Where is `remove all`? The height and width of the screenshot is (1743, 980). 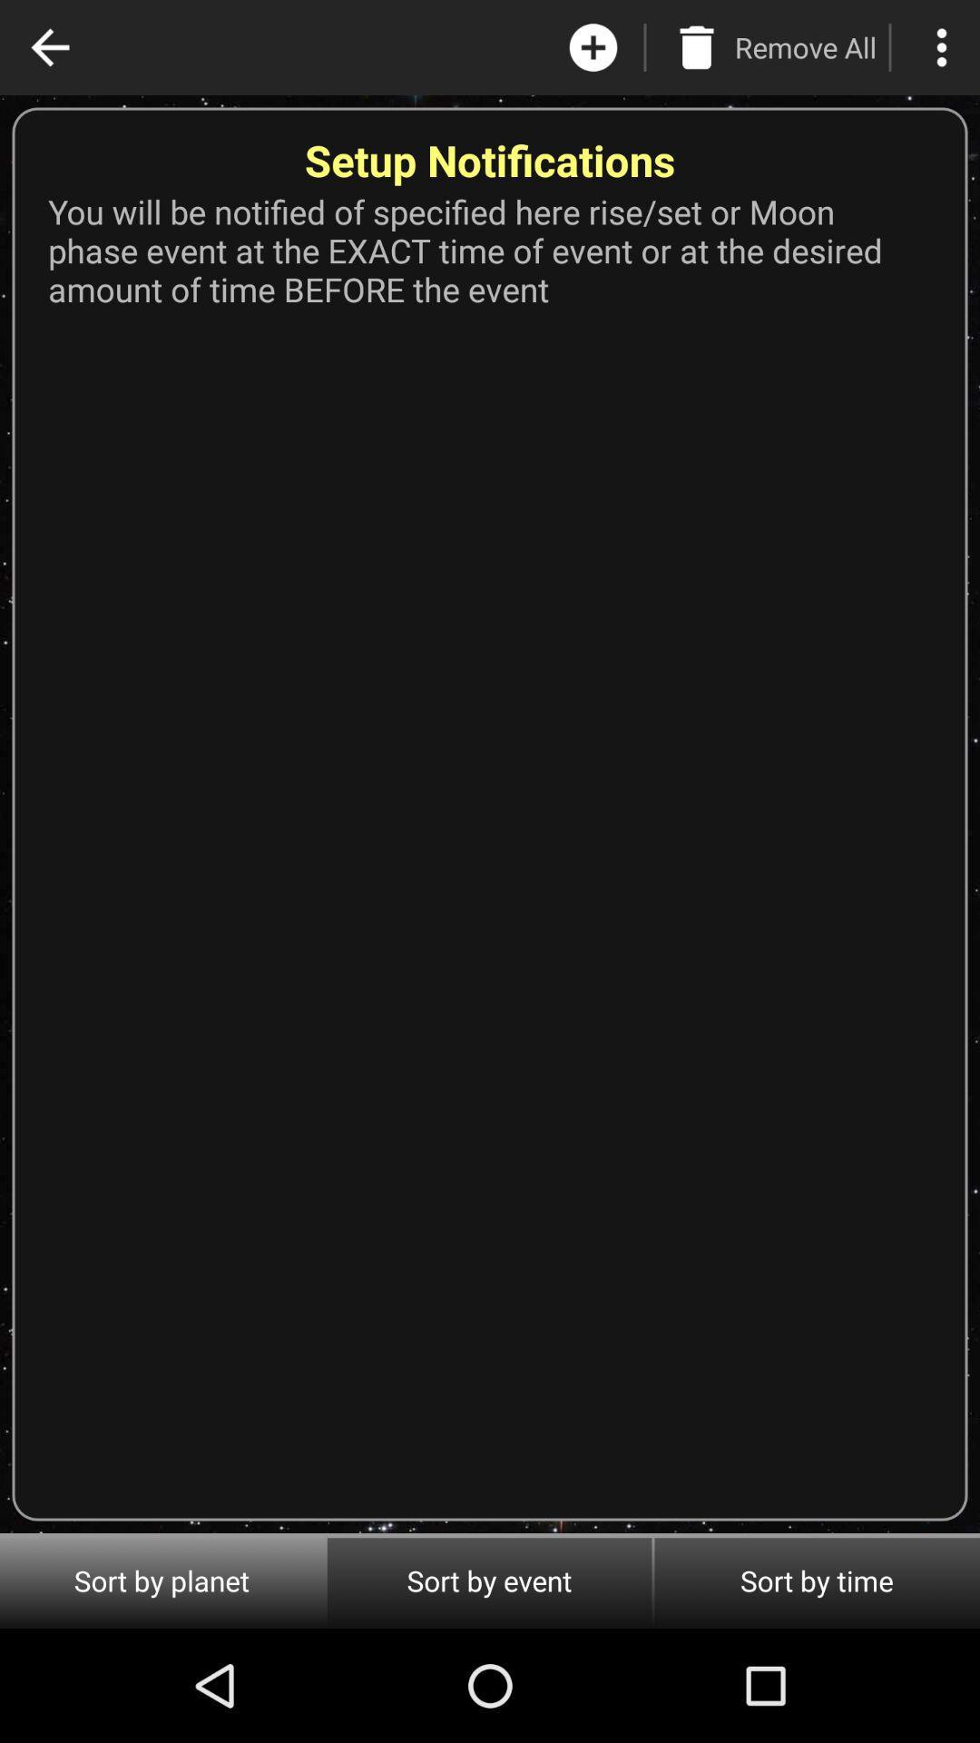 remove all is located at coordinates (695, 47).